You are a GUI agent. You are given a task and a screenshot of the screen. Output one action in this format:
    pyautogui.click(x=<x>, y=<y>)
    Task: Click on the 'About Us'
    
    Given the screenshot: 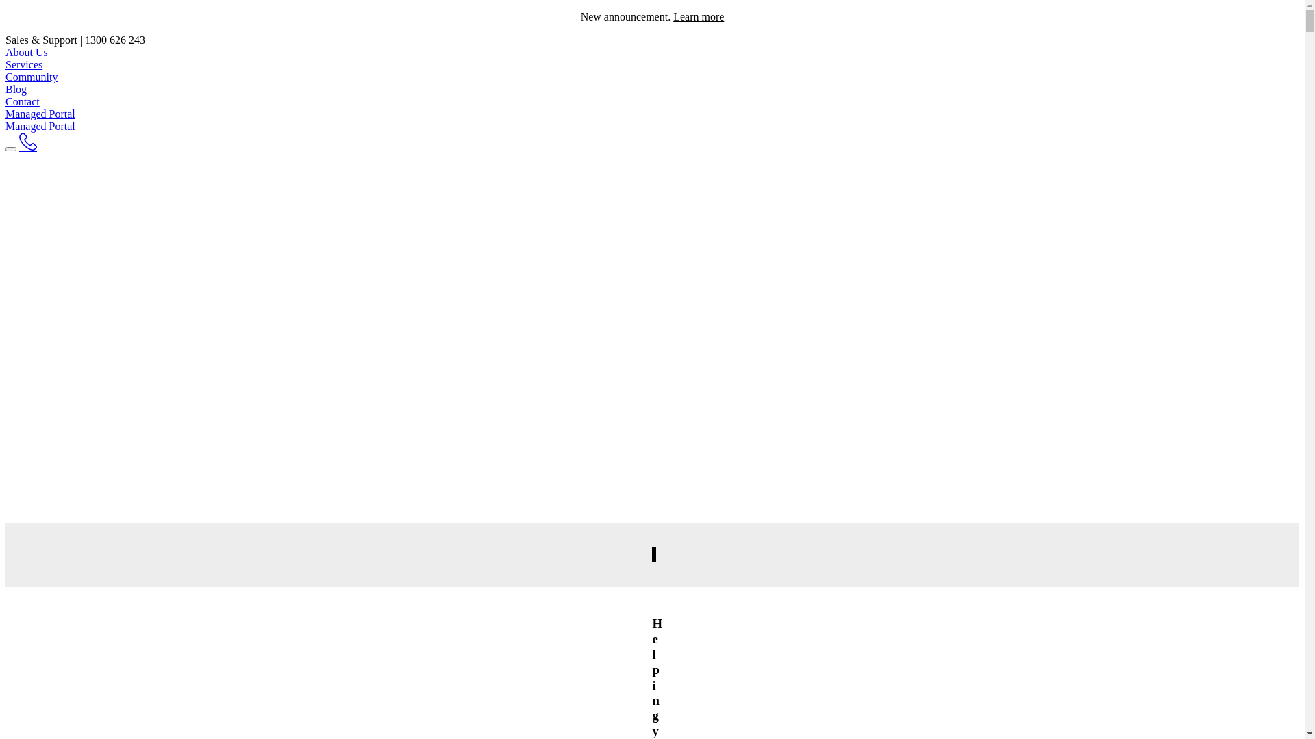 What is the action you would take?
    pyautogui.click(x=5, y=51)
    